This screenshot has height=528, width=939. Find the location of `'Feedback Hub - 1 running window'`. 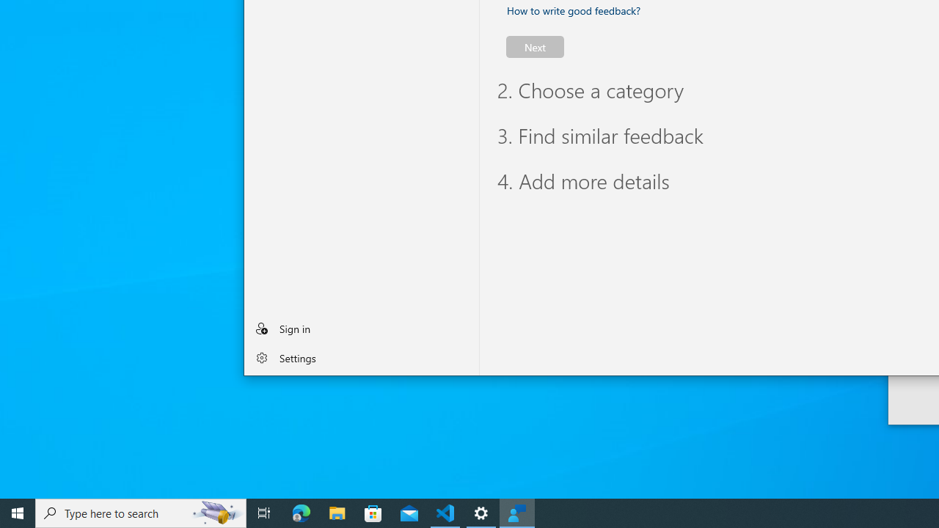

'Feedback Hub - 1 running window' is located at coordinates (517, 512).